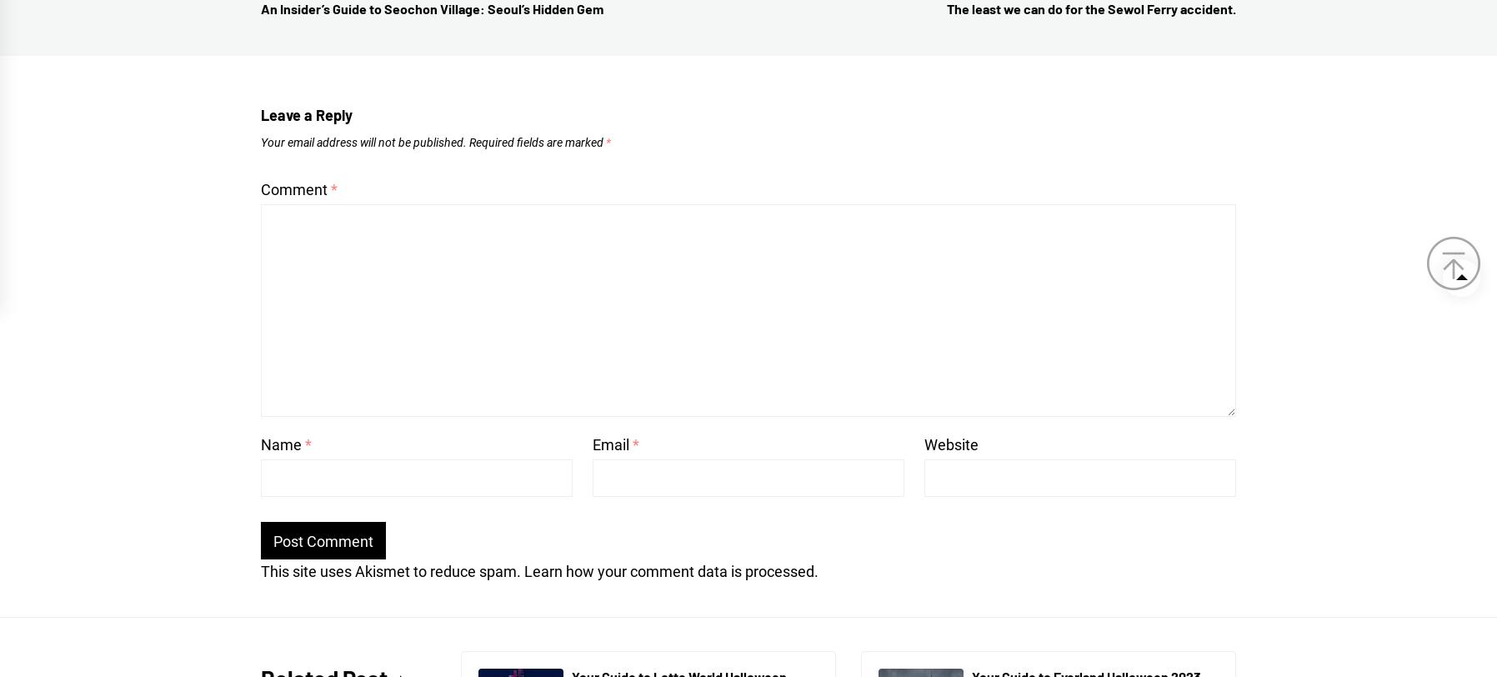 The image size is (1497, 677). I want to click on '.', so click(814, 570).